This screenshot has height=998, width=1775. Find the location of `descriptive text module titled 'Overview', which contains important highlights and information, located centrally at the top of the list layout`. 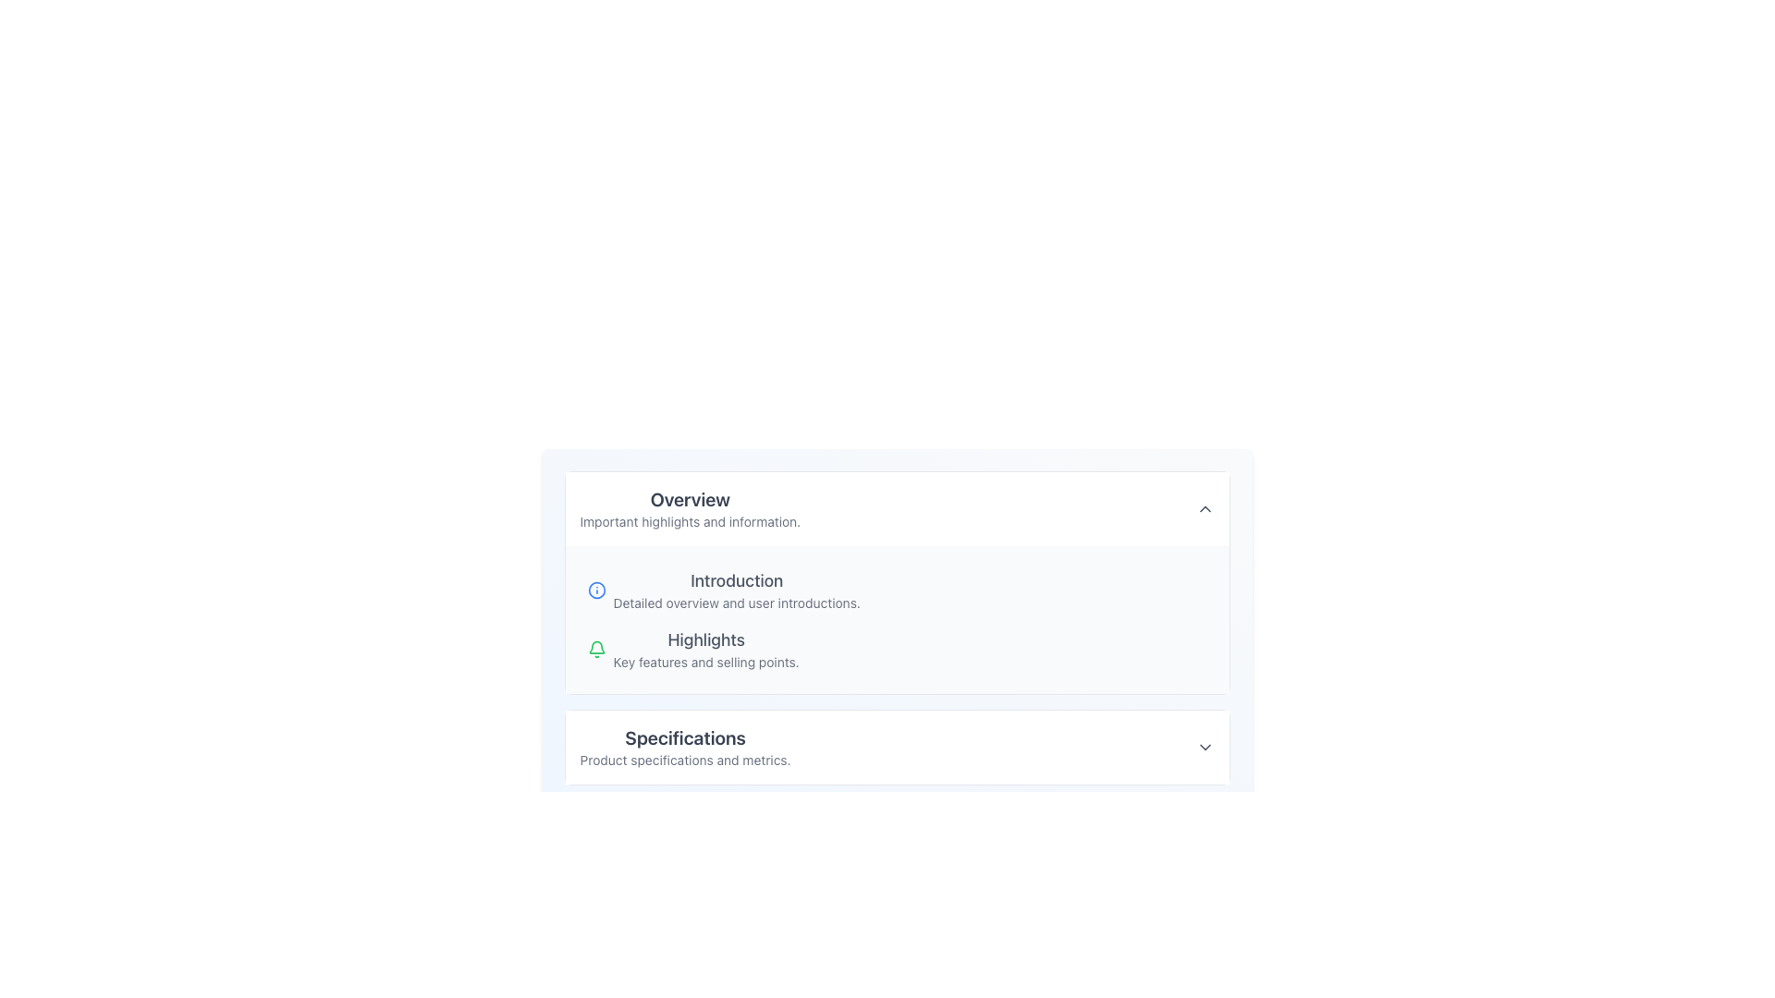

descriptive text module titled 'Overview', which contains important highlights and information, located centrally at the top of the list layout is located at coordinates (689, 509).